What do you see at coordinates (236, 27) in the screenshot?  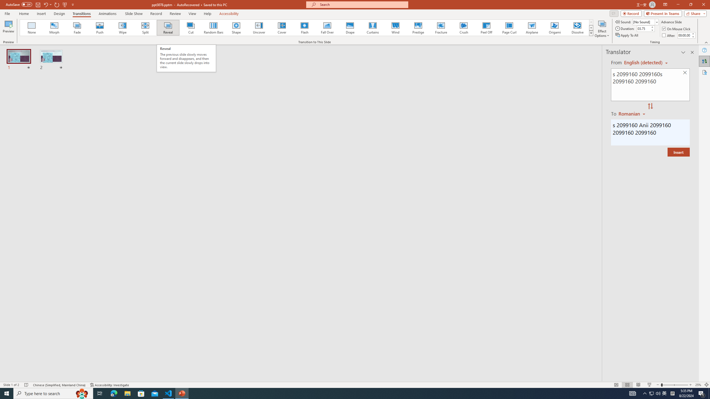 I see `'Shape'` at bounding box center [236, 27].